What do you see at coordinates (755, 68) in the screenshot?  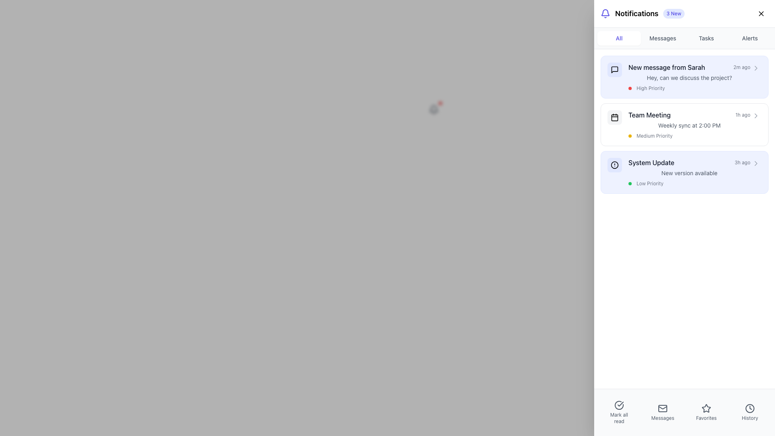 I see `the rightward-facing chevron button with a rounded background, located at the right end of the notification item labeled 'New message from Sarah'` at bounding box center [755, 68].